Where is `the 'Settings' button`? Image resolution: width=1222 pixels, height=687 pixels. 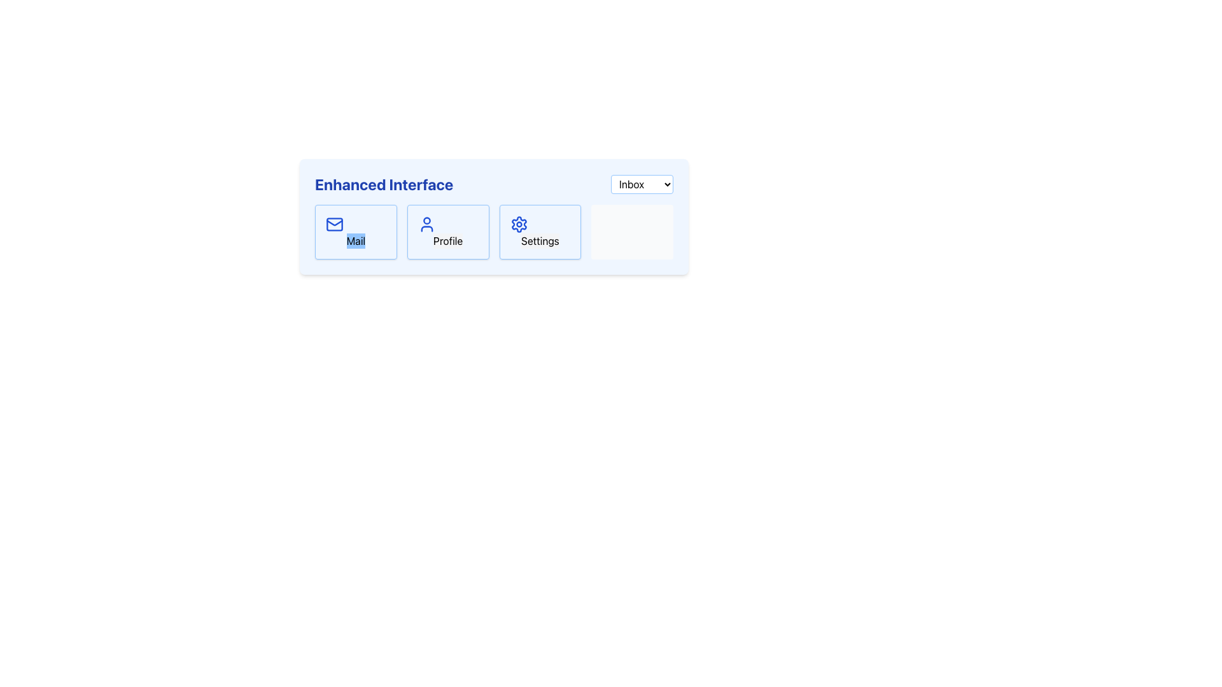
the 'Settings' button is located at coordinates (540, 232).